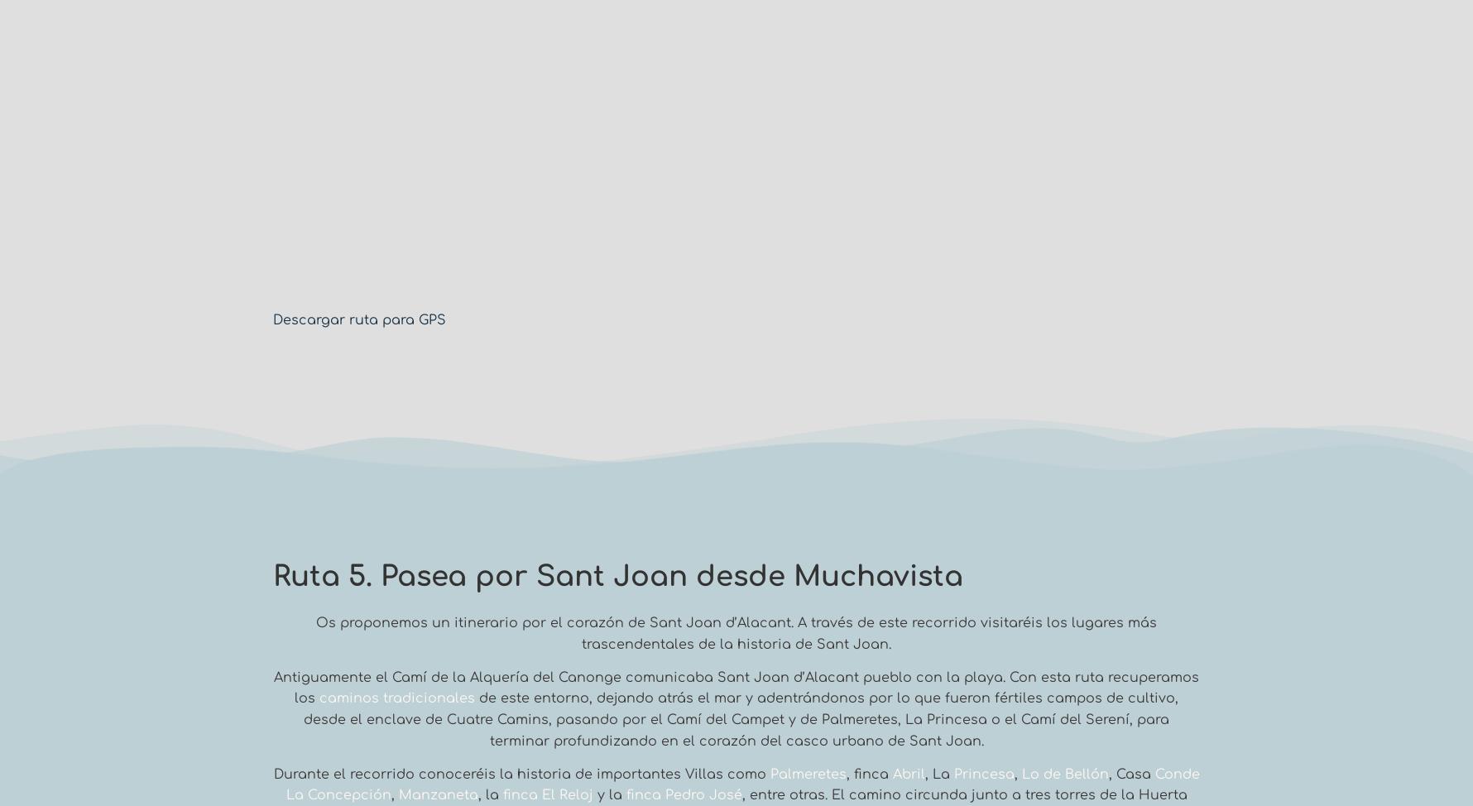  I want to click on 'Descargar ruta para GPS', so click(358, 319).